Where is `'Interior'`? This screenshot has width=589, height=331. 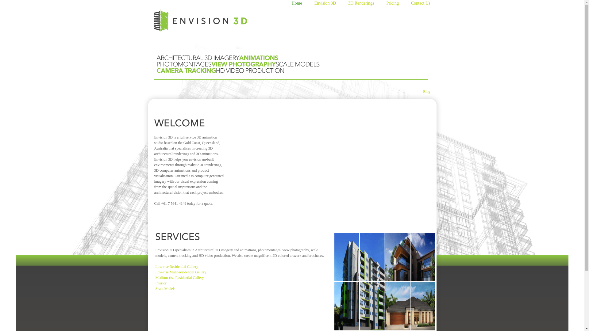
'Interior' is located at coordinates (160, 283).